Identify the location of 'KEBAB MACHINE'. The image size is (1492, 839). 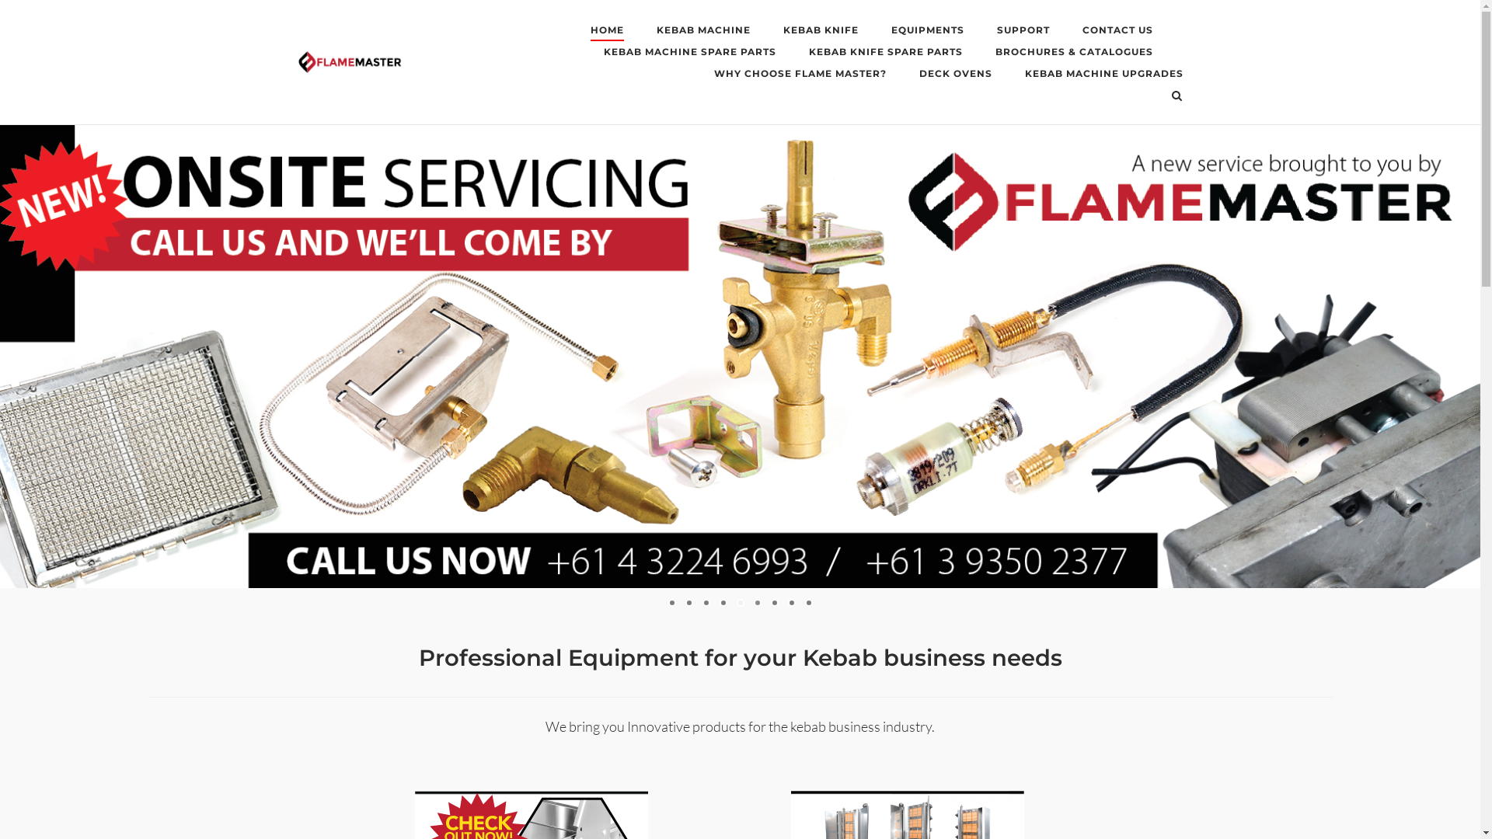
(702, 33).